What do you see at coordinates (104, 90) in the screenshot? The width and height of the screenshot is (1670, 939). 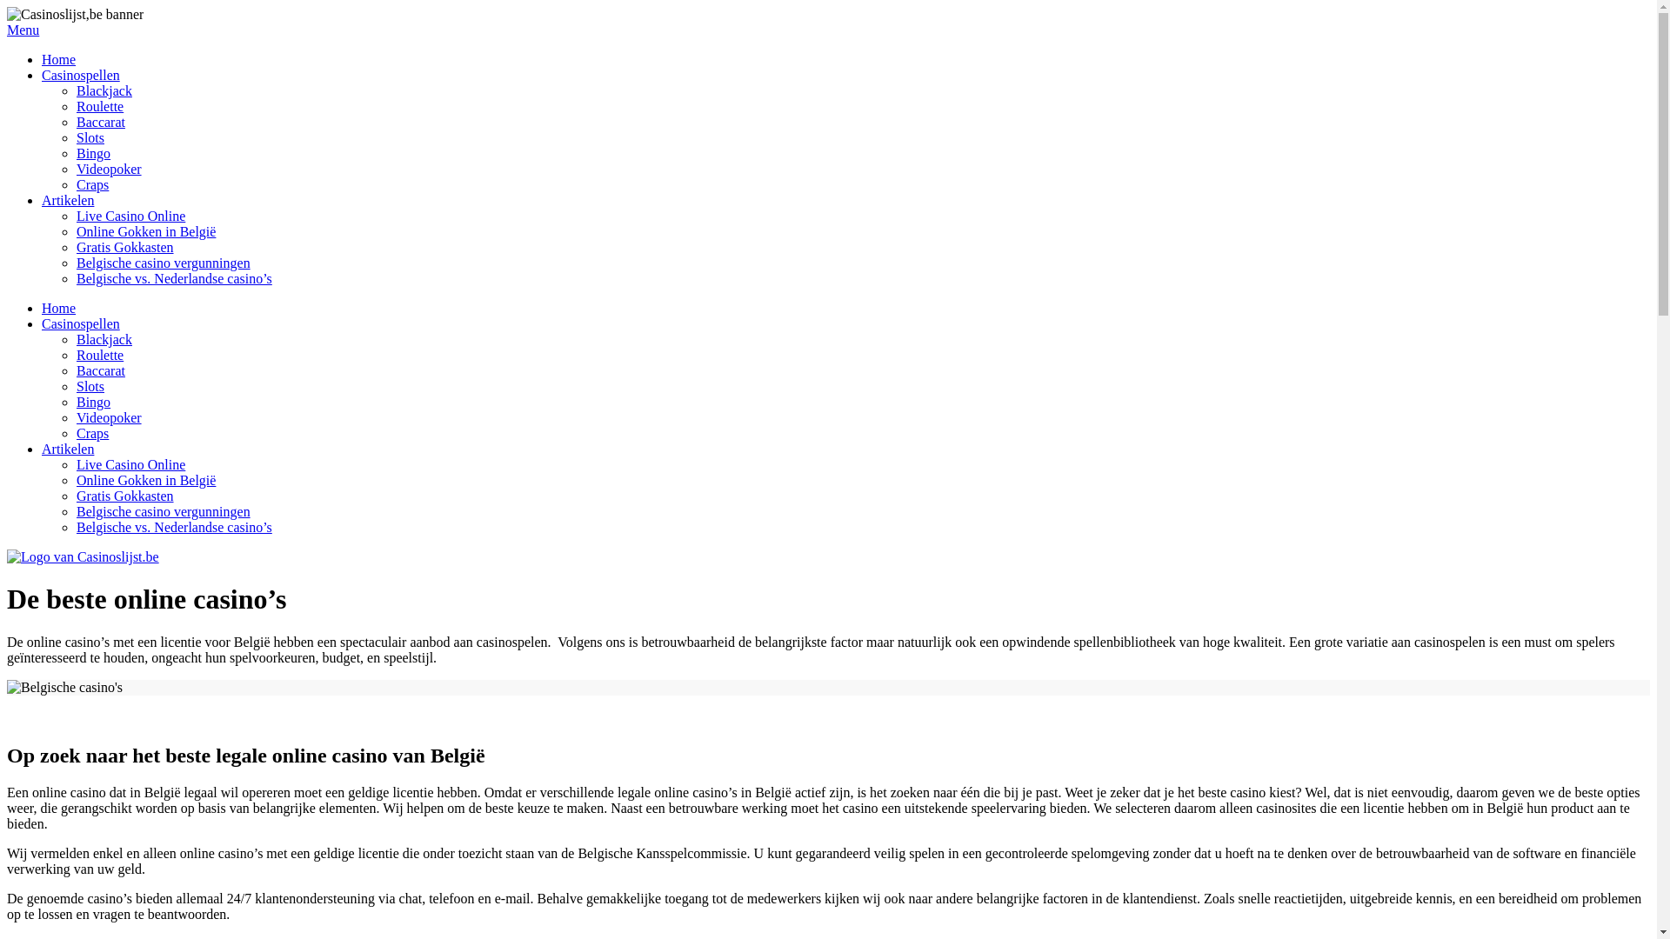 I see `'Blackjack'` at bounding box center [104, 90].